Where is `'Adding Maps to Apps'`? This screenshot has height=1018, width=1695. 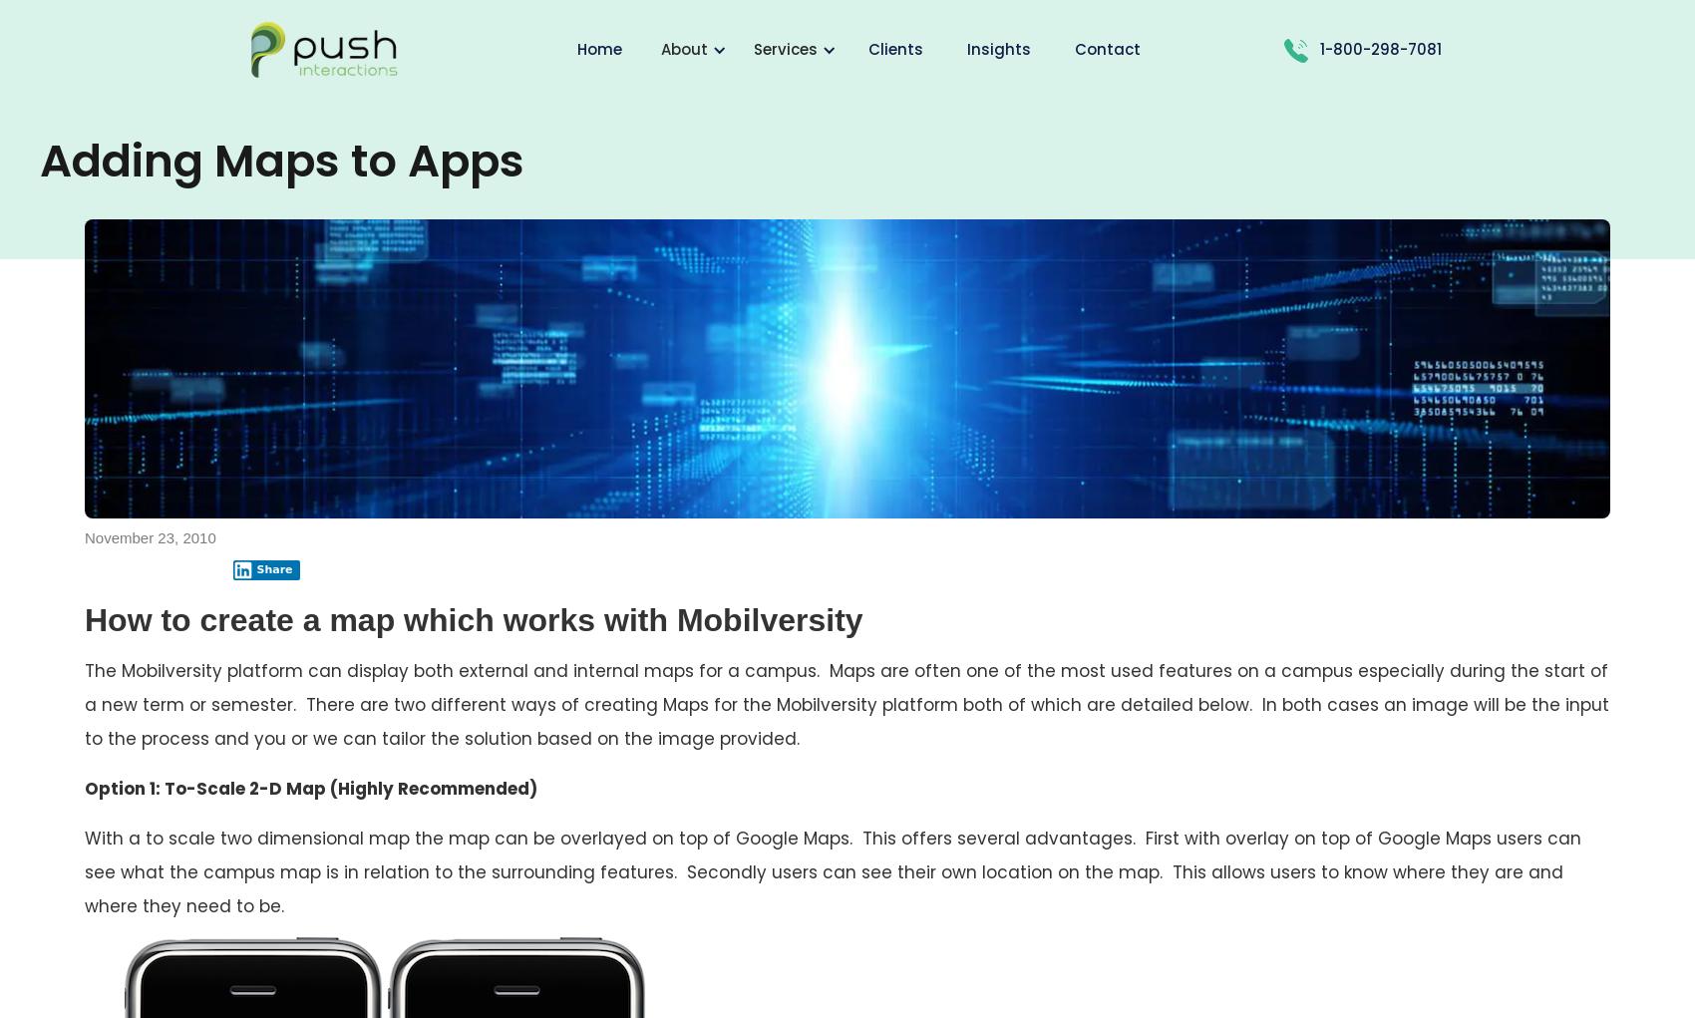
'Adding Maps to Apps' is located at coordinates (39, 159).